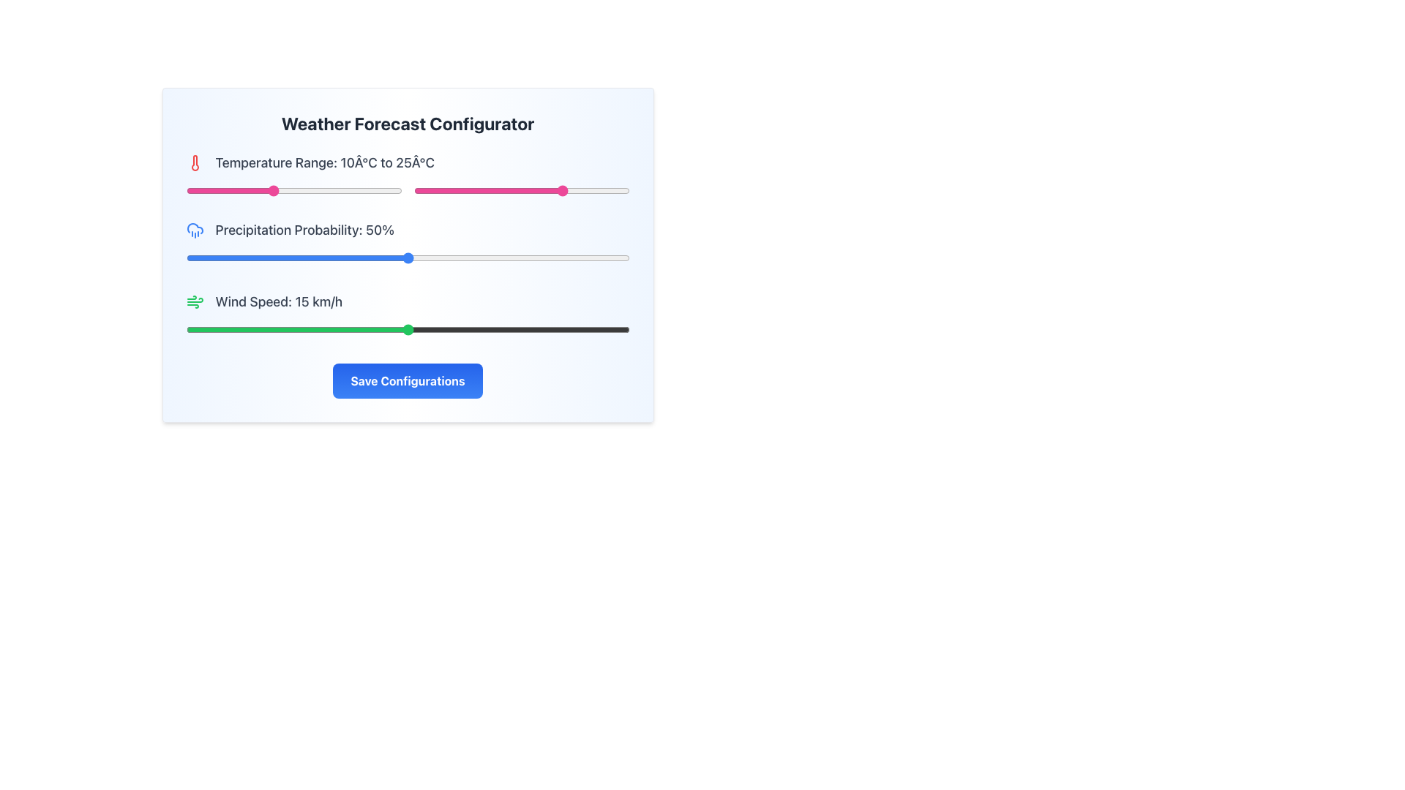 Image resolution: width=1405 pixels, height=790 pixels. Describe the element at coordinates (190, 257) in the screenshot. I see `precipitation probability` at that location.